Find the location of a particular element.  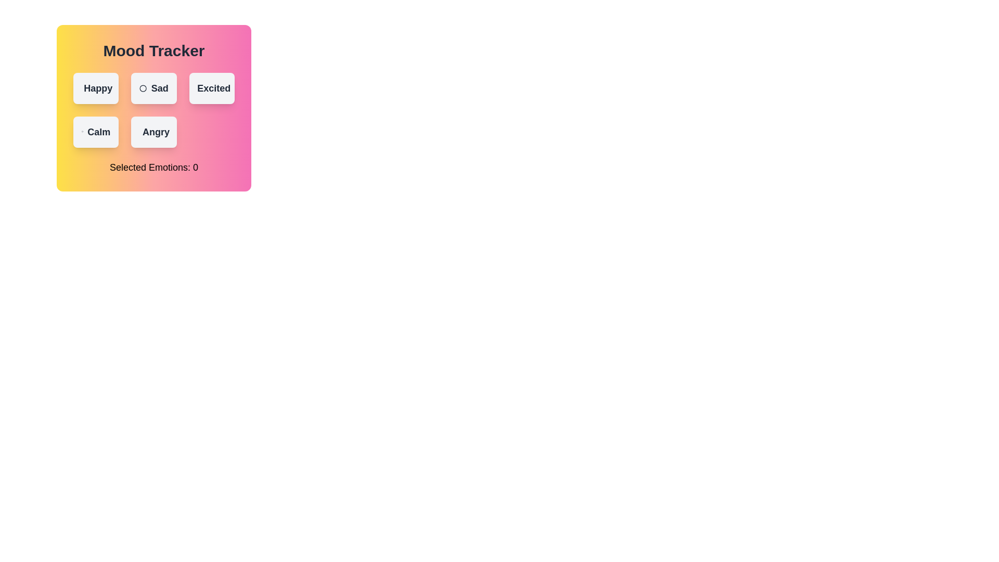

the Calm button is located at coordinates (95, 132).